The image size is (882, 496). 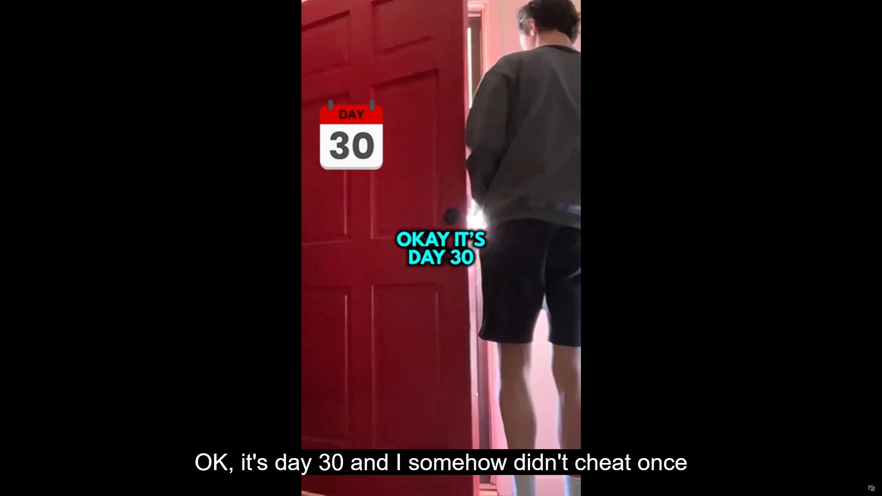 What do you see at coordinates (871, 488) in the screenshot?
I see `'Unmute'` at bounding box center [871, 488].